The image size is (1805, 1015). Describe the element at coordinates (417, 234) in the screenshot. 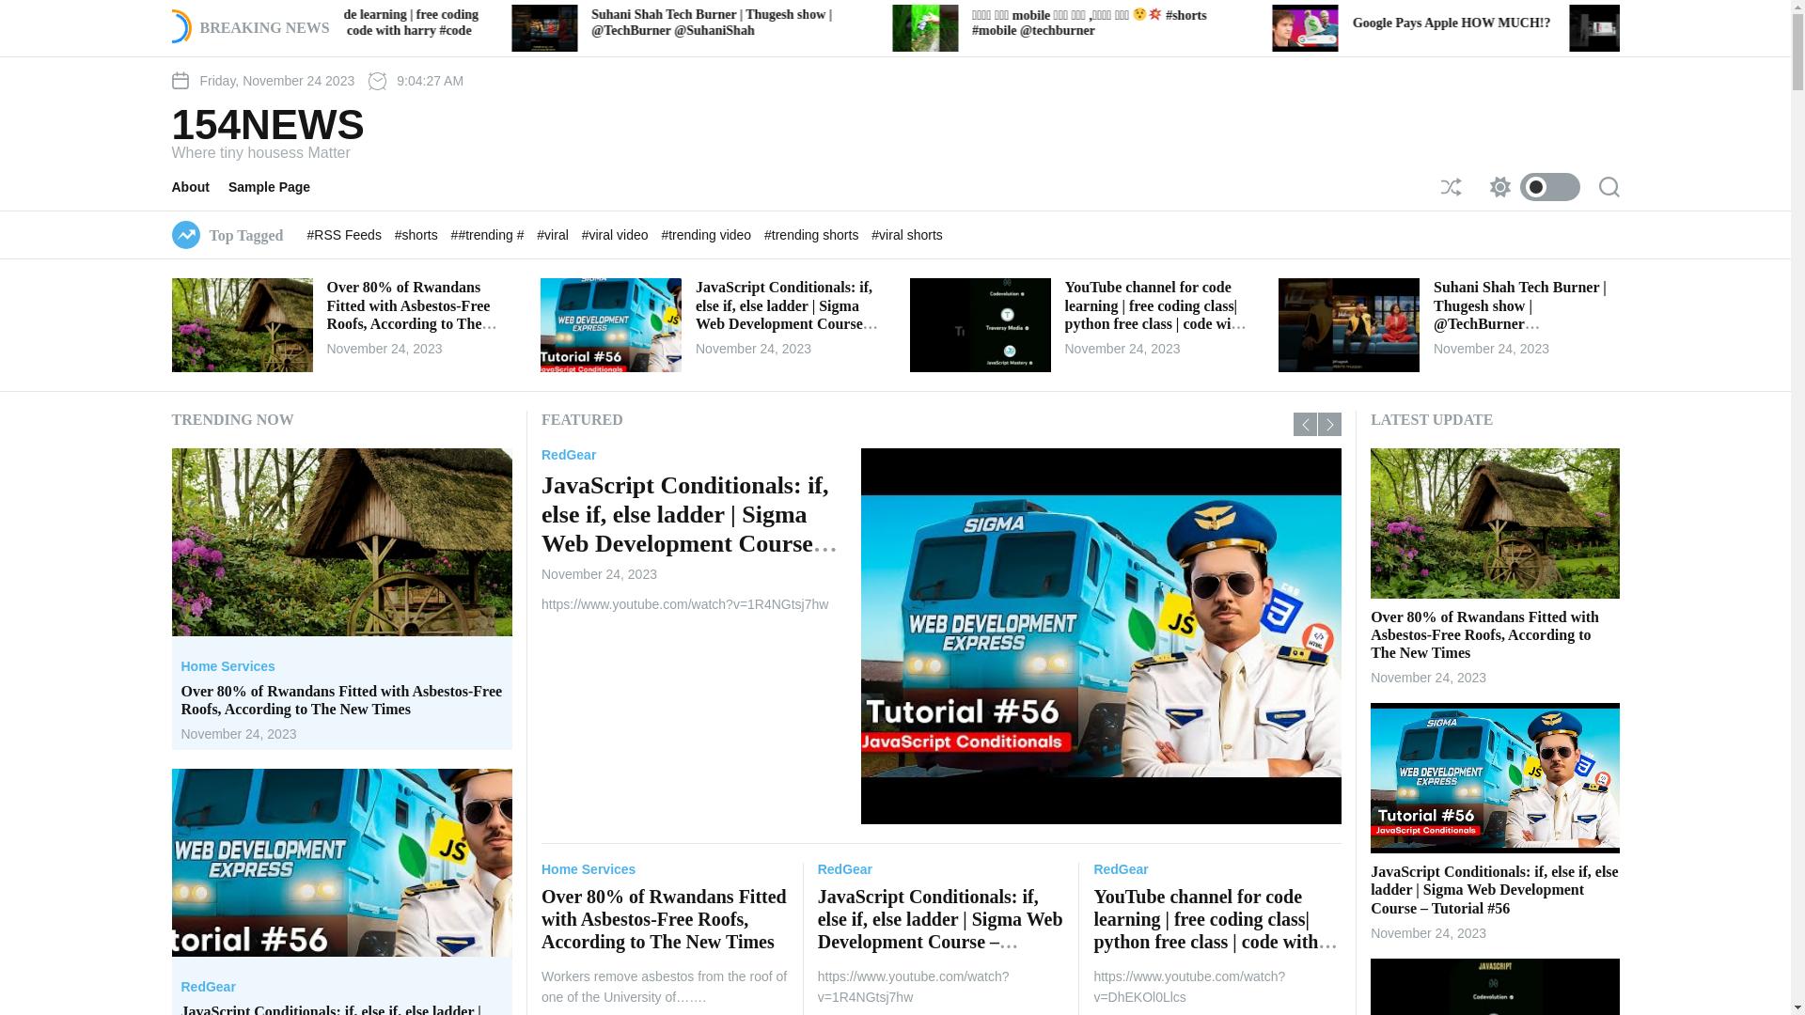

I see `'#shorts'` at that location.